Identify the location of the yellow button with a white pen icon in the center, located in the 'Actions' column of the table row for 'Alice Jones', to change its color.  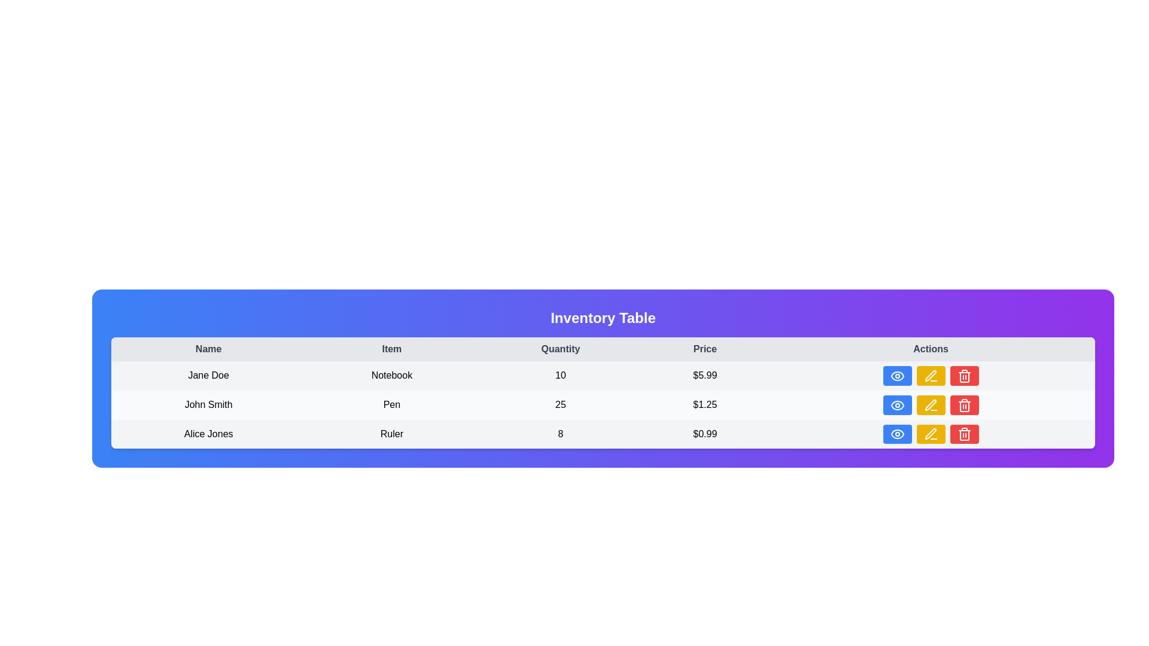
(930, 434).